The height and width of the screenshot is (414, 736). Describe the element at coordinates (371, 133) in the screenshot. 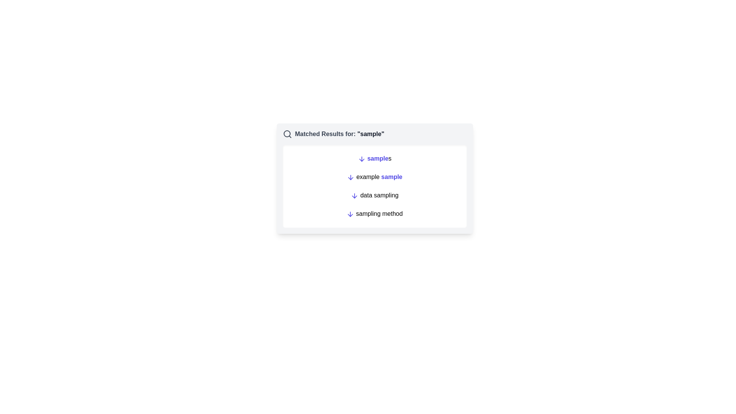

I see `the text element styled in a darker shade that reads '"sample"' within the larger sentence 'Matched Results for: "sample"'` at that location.